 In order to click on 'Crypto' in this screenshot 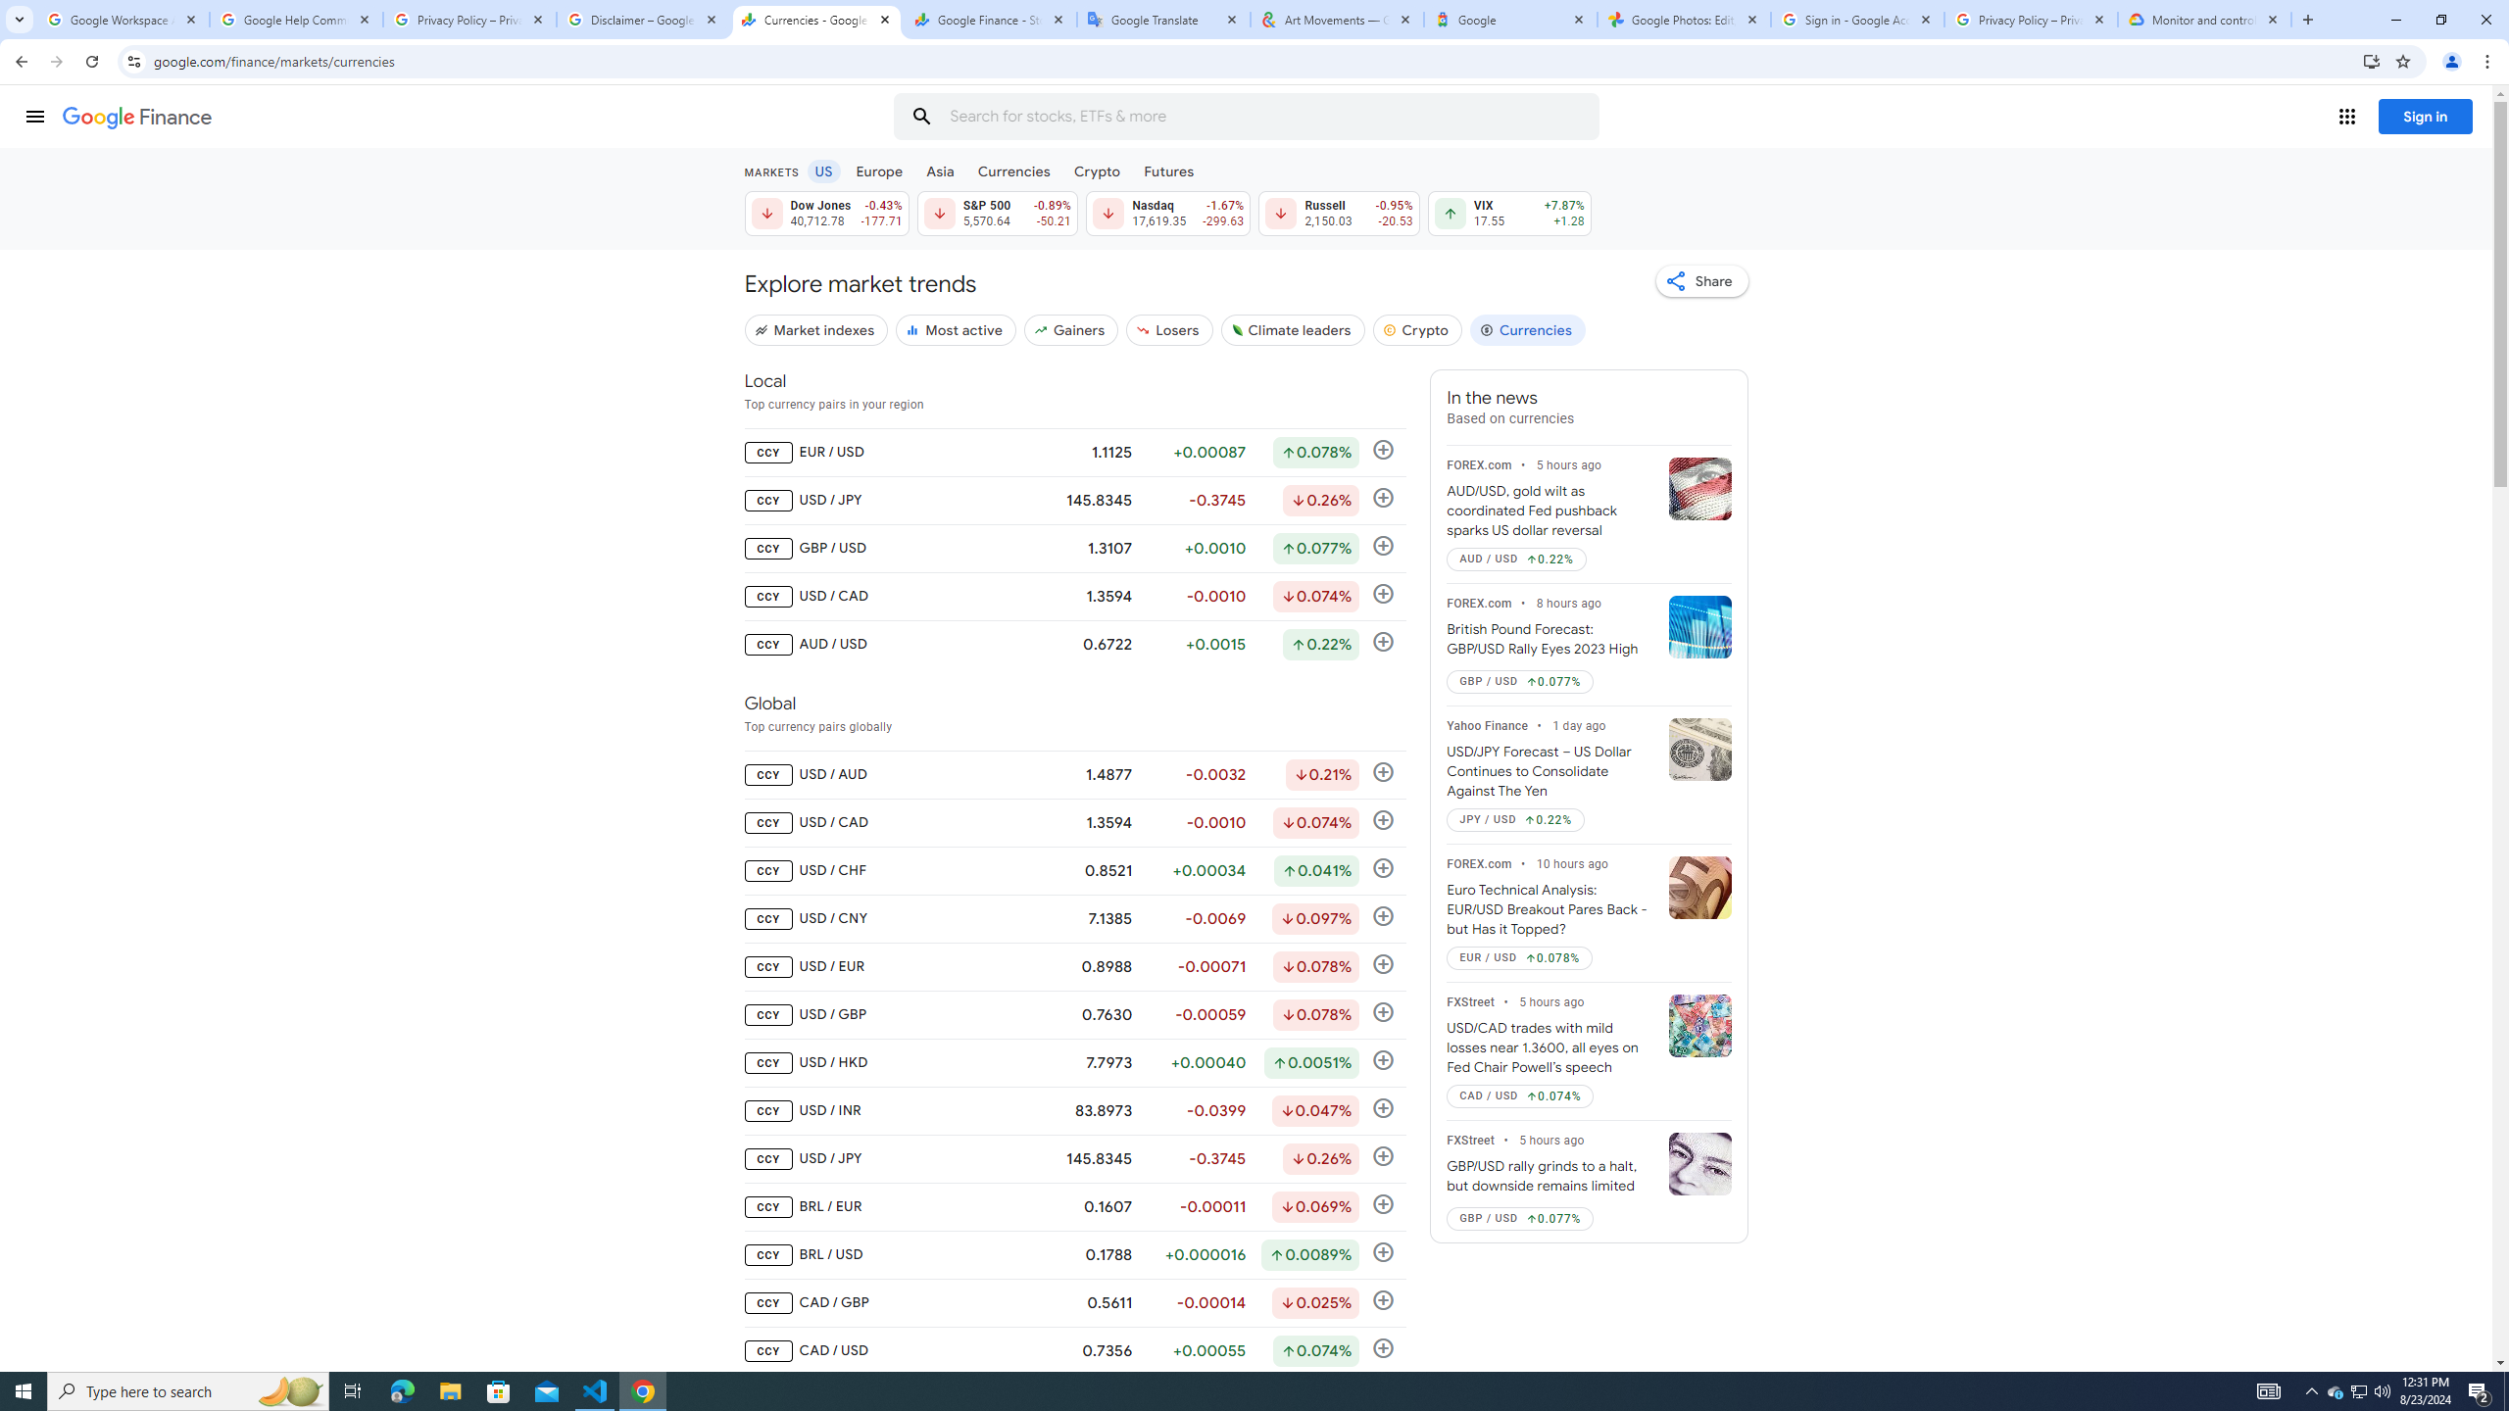, I will do `click(1417, 329)`.